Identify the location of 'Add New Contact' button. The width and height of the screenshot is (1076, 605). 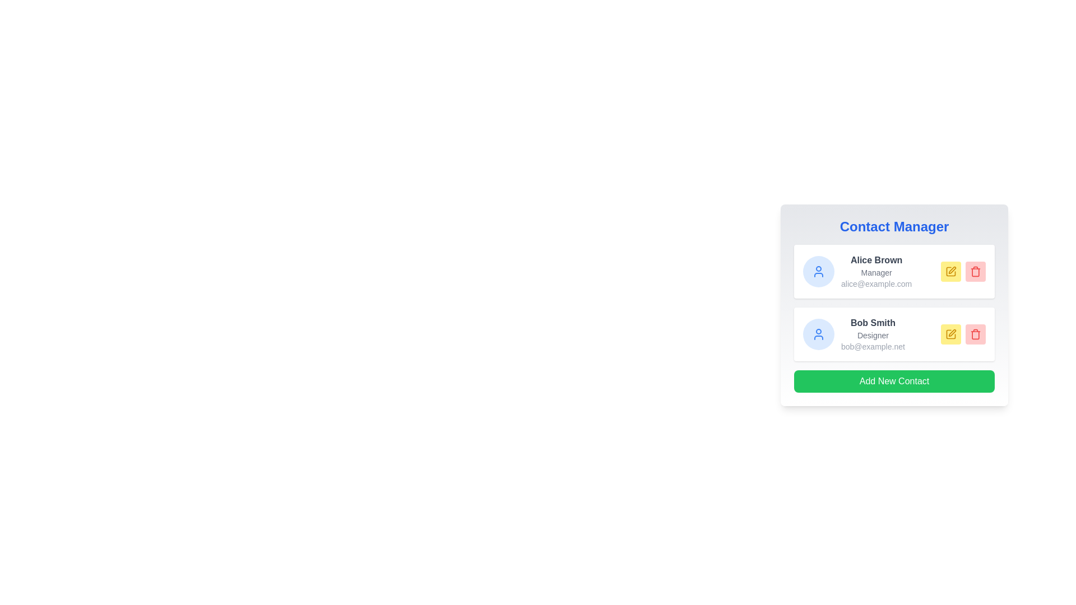
(894, 381).